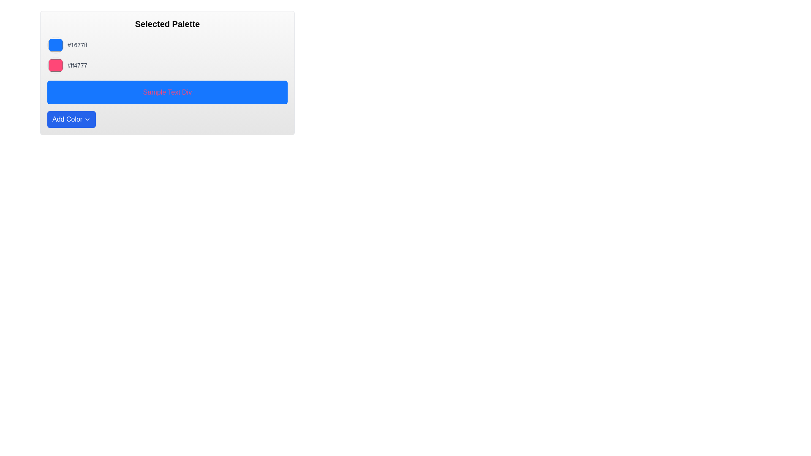 The height and width of the screenshot is (456, 811). What do you see at coordinates (77, 45) in the screenshot?
I see `the Text Label that displays the color value corresponding to the blue circular swatch located to its left` at bounding box center [77, 45].